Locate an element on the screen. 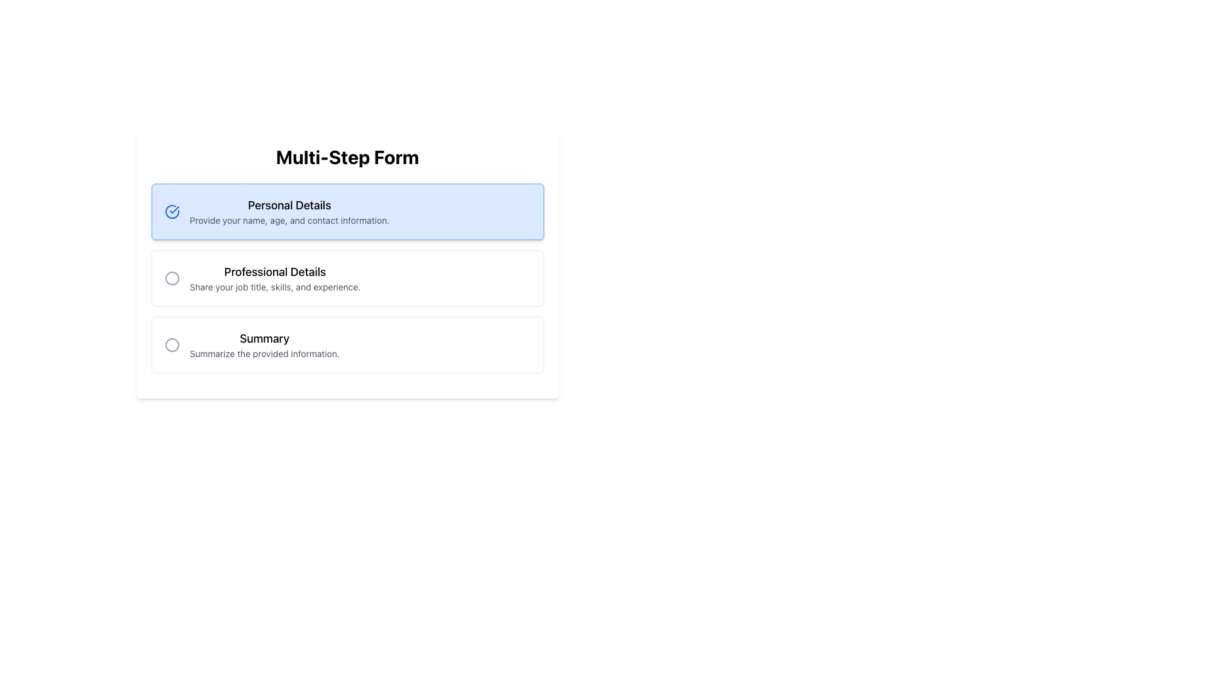  the informational text block that serves as a title and description for the form section, located in the top-left part of the visible layout under 'Multi-Step Form.' is located at coordinates (289, 211).